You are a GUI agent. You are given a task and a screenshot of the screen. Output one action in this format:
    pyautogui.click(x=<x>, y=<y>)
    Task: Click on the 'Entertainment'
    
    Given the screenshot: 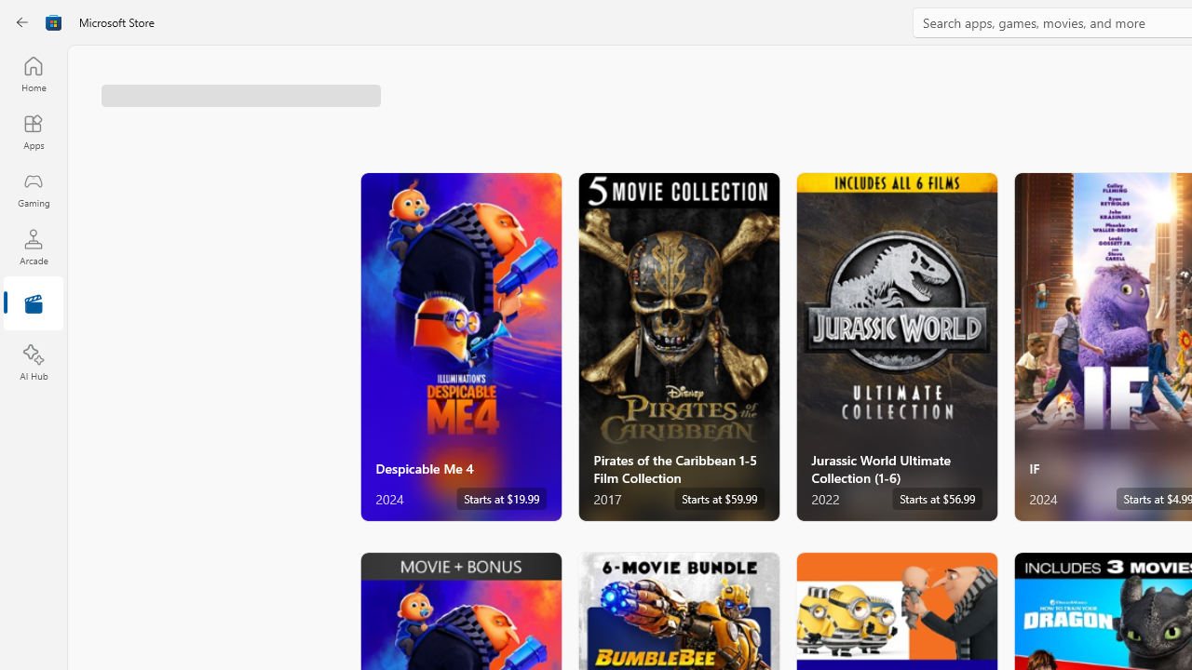 What is the action you would take?
    pyautogui.click(x=33, y=303)
    